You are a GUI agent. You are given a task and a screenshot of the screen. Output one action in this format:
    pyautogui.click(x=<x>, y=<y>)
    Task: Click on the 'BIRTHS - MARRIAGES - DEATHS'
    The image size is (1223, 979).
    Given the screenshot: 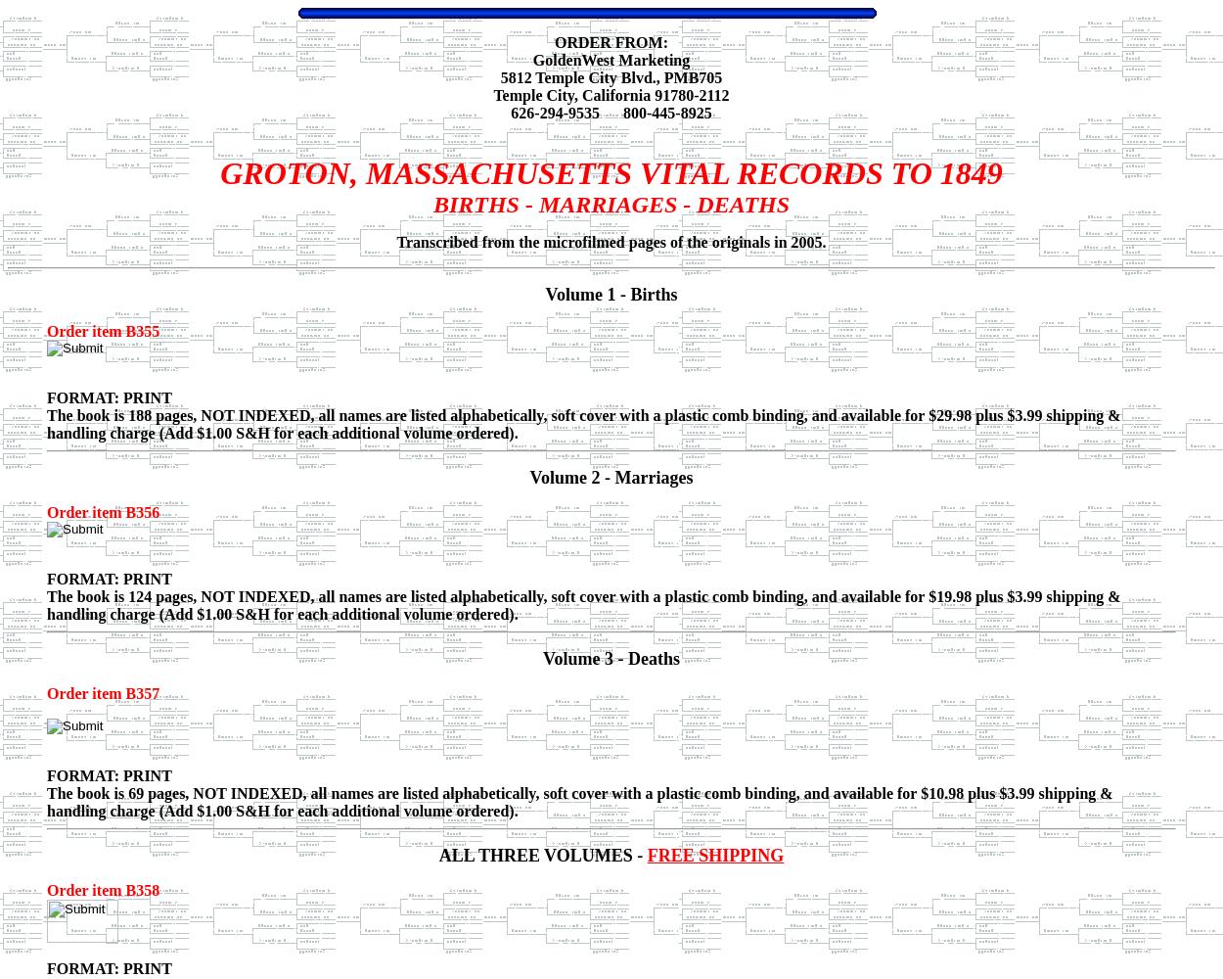 What is the action you would take?
    pyautogui.click(x=431, y=204)
    